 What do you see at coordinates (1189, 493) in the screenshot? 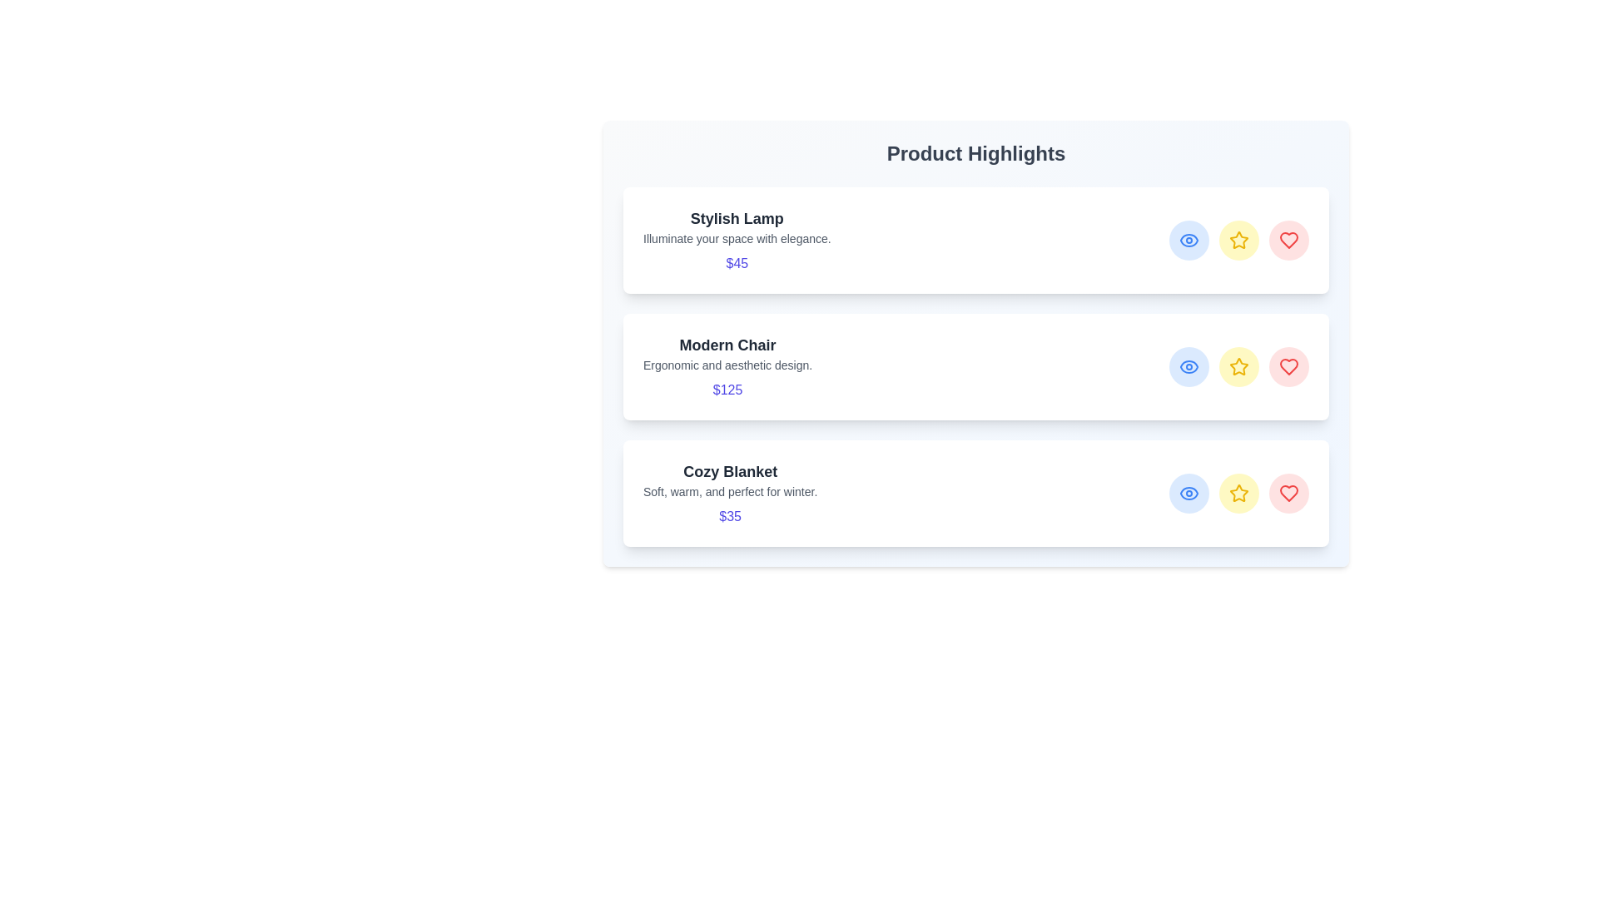
I see `eye icon for the product Cozy Blanket` at bounding box center [1189, 493].